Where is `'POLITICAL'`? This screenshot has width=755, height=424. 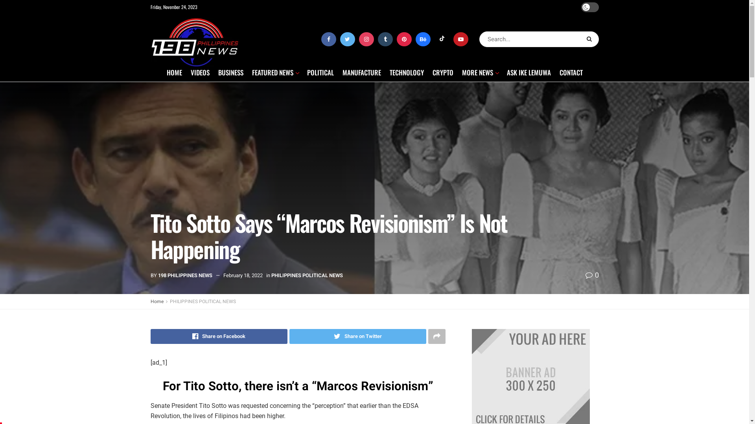 'POLITICAL' is located at coordinates (320, 72).